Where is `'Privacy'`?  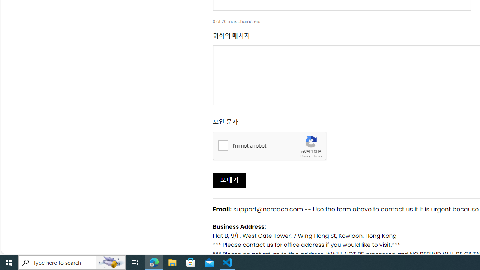
'Privacy' is located at coordinates (305, 156).